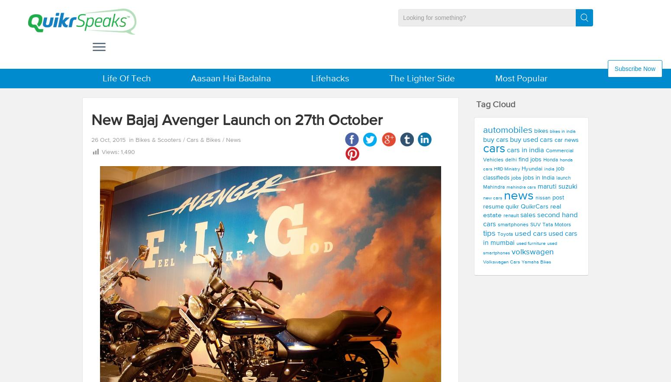  I want to click on 'buy used cars', so click(531, 139).